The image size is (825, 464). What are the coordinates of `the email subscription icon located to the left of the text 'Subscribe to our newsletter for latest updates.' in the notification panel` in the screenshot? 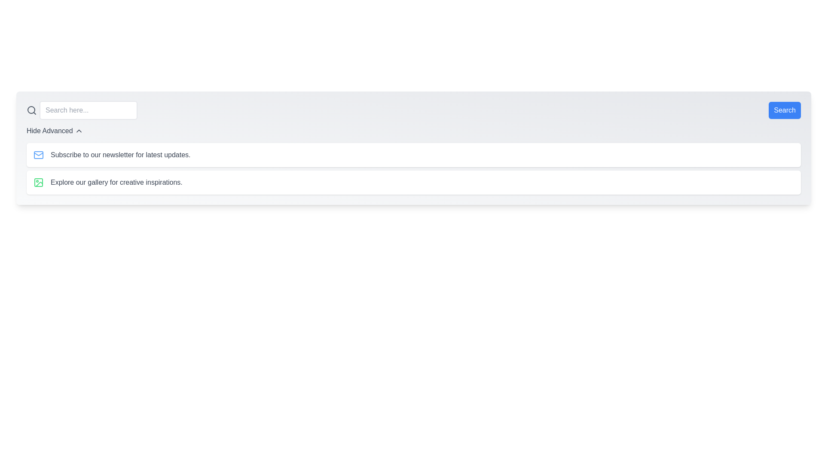 It's located at (38, 155).